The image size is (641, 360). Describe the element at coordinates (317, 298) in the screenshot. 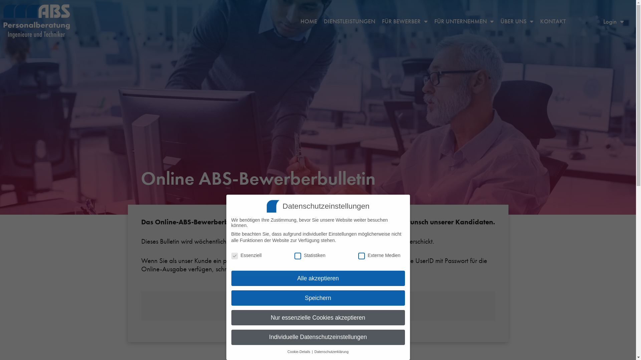

I see `'Speichern'` at that location.